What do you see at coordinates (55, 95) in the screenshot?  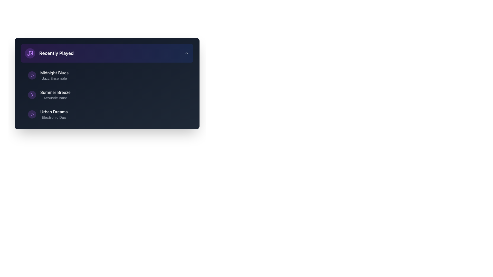 I see `information displayed in the 'Summer Breeze' Text label which features 'Summer Breeze' in bold light-colored font and 'Acoustic Band' in smaller gray font beneath it` at bounding box center [55, 95].